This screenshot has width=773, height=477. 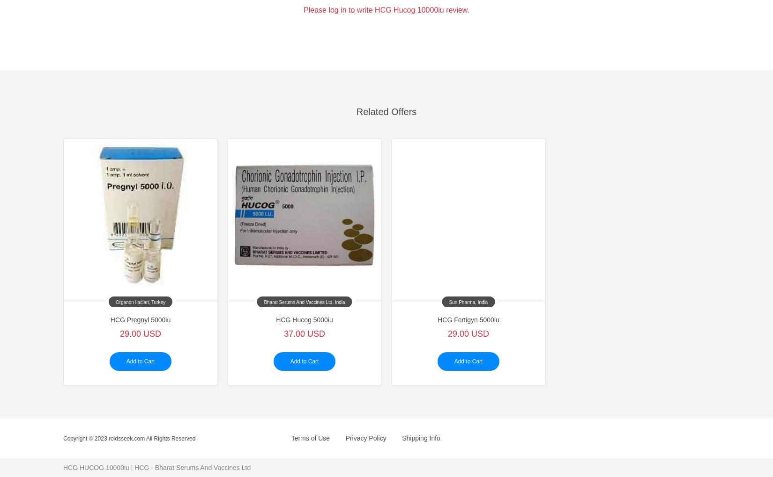 What do you see at coordinates (129, 437) in the screenshot?
I see `'Copyright © 2023 roidsseek.com All Rights Reserved'` at bounding box center [129, 437].